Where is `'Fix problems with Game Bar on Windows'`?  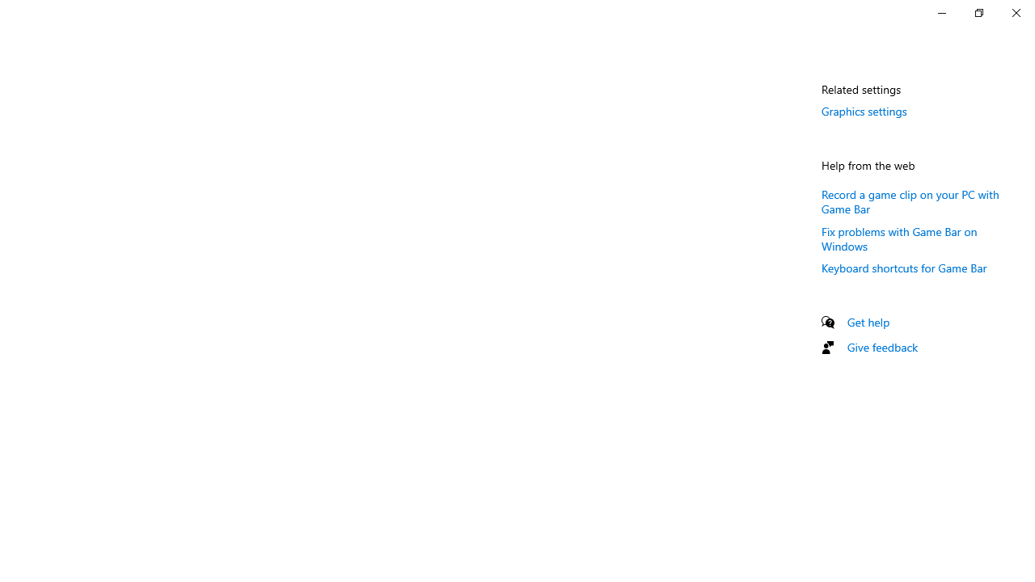
'Fix problems with Game Bar on Windows' is located at coordinates (898, 238).